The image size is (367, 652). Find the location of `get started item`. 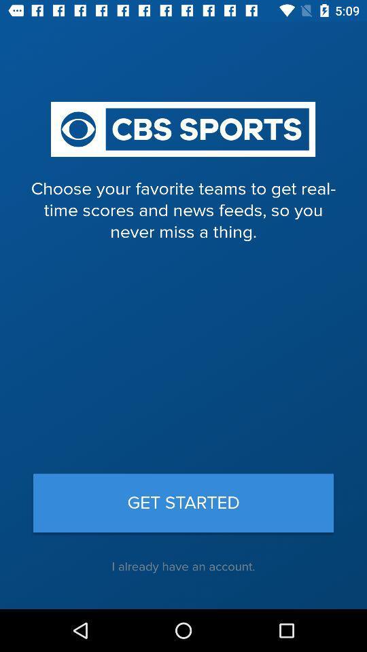

get started item is located at coordinates (183, 502).